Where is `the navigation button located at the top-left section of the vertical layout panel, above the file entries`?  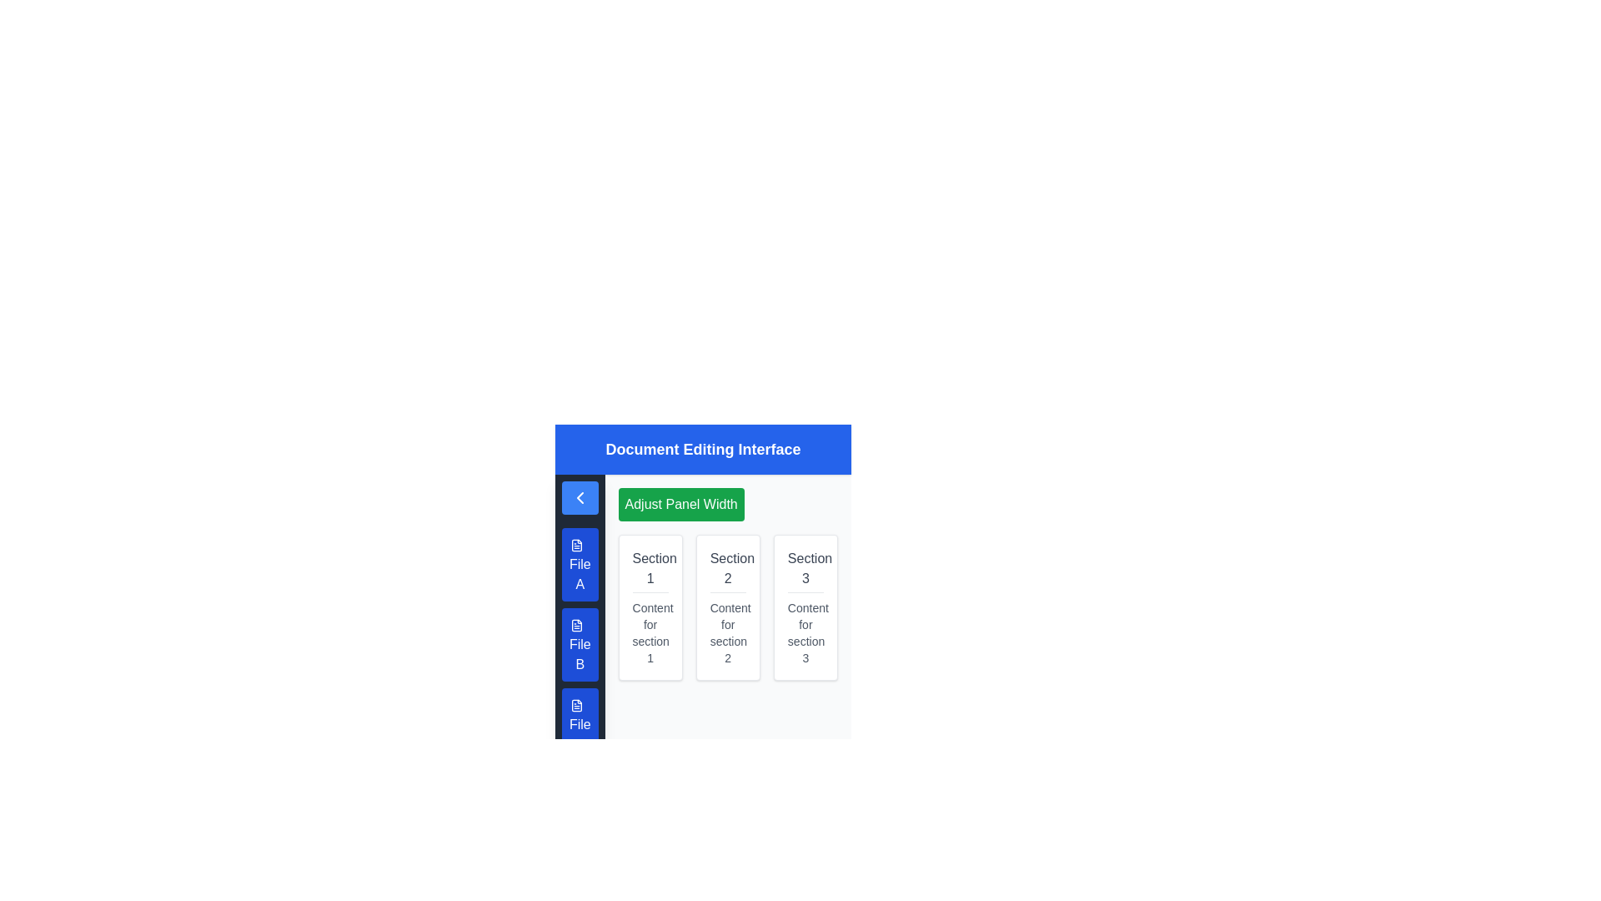 the navigation button located at the top-left section of the vertical layout panel, above the file entries is located at coordinates (580, 497).